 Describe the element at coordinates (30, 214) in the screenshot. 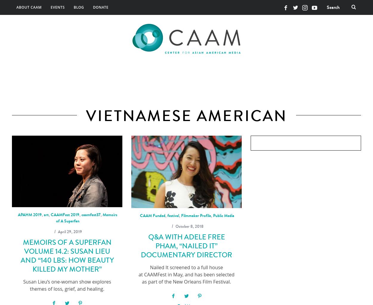

I see `'APAHM 2019'` at that location.